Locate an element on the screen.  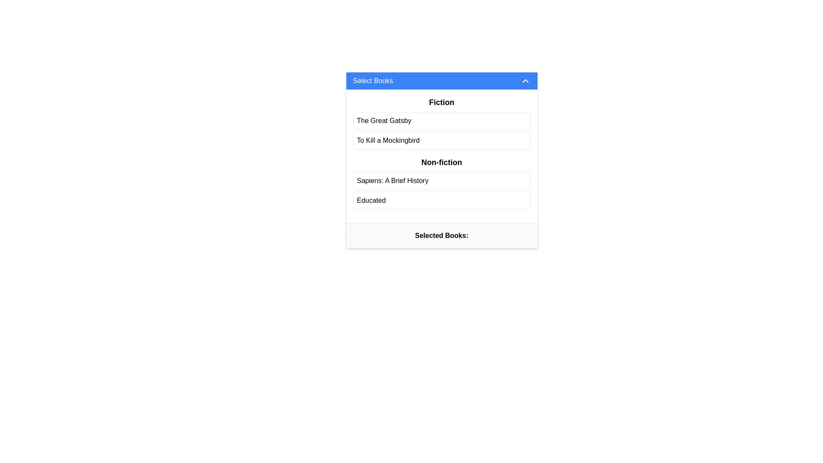
the upward-pointing chevron icon located at the far-right side of the blue header bar labeled 'Select Books' is located at coordinates (525, 81).